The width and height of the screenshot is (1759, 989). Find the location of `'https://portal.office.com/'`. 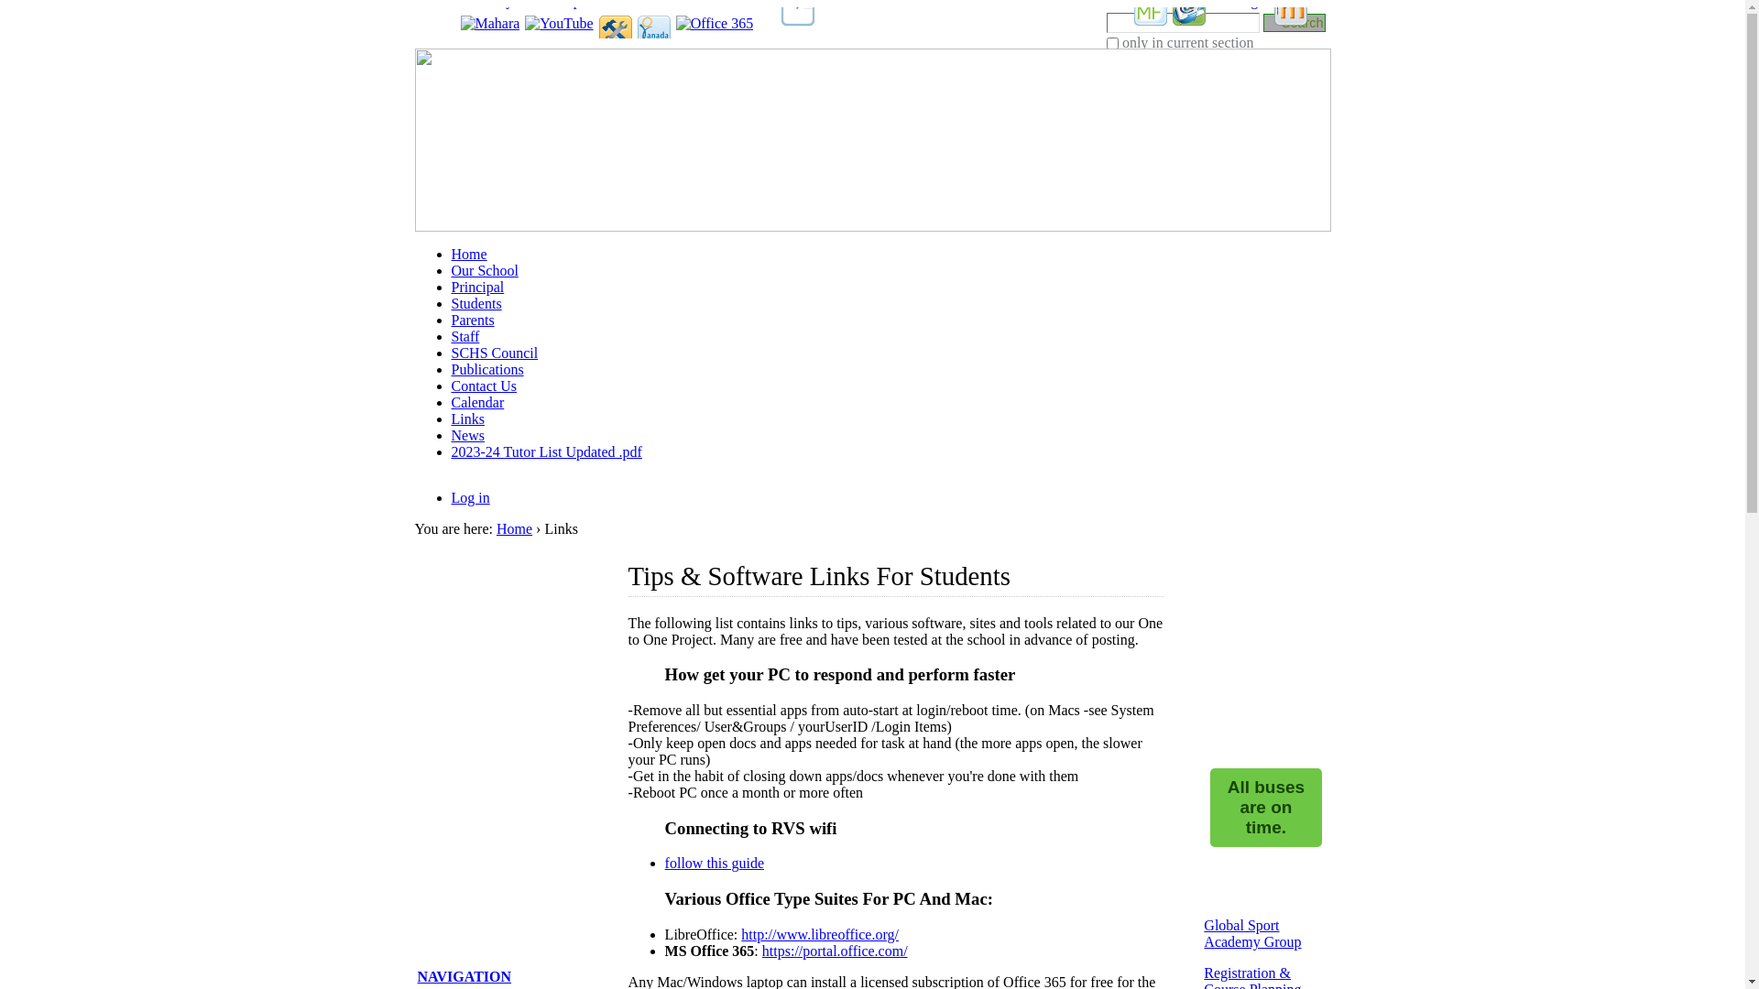

'https://portal.office.com/' is located at coordinates (834, 950).